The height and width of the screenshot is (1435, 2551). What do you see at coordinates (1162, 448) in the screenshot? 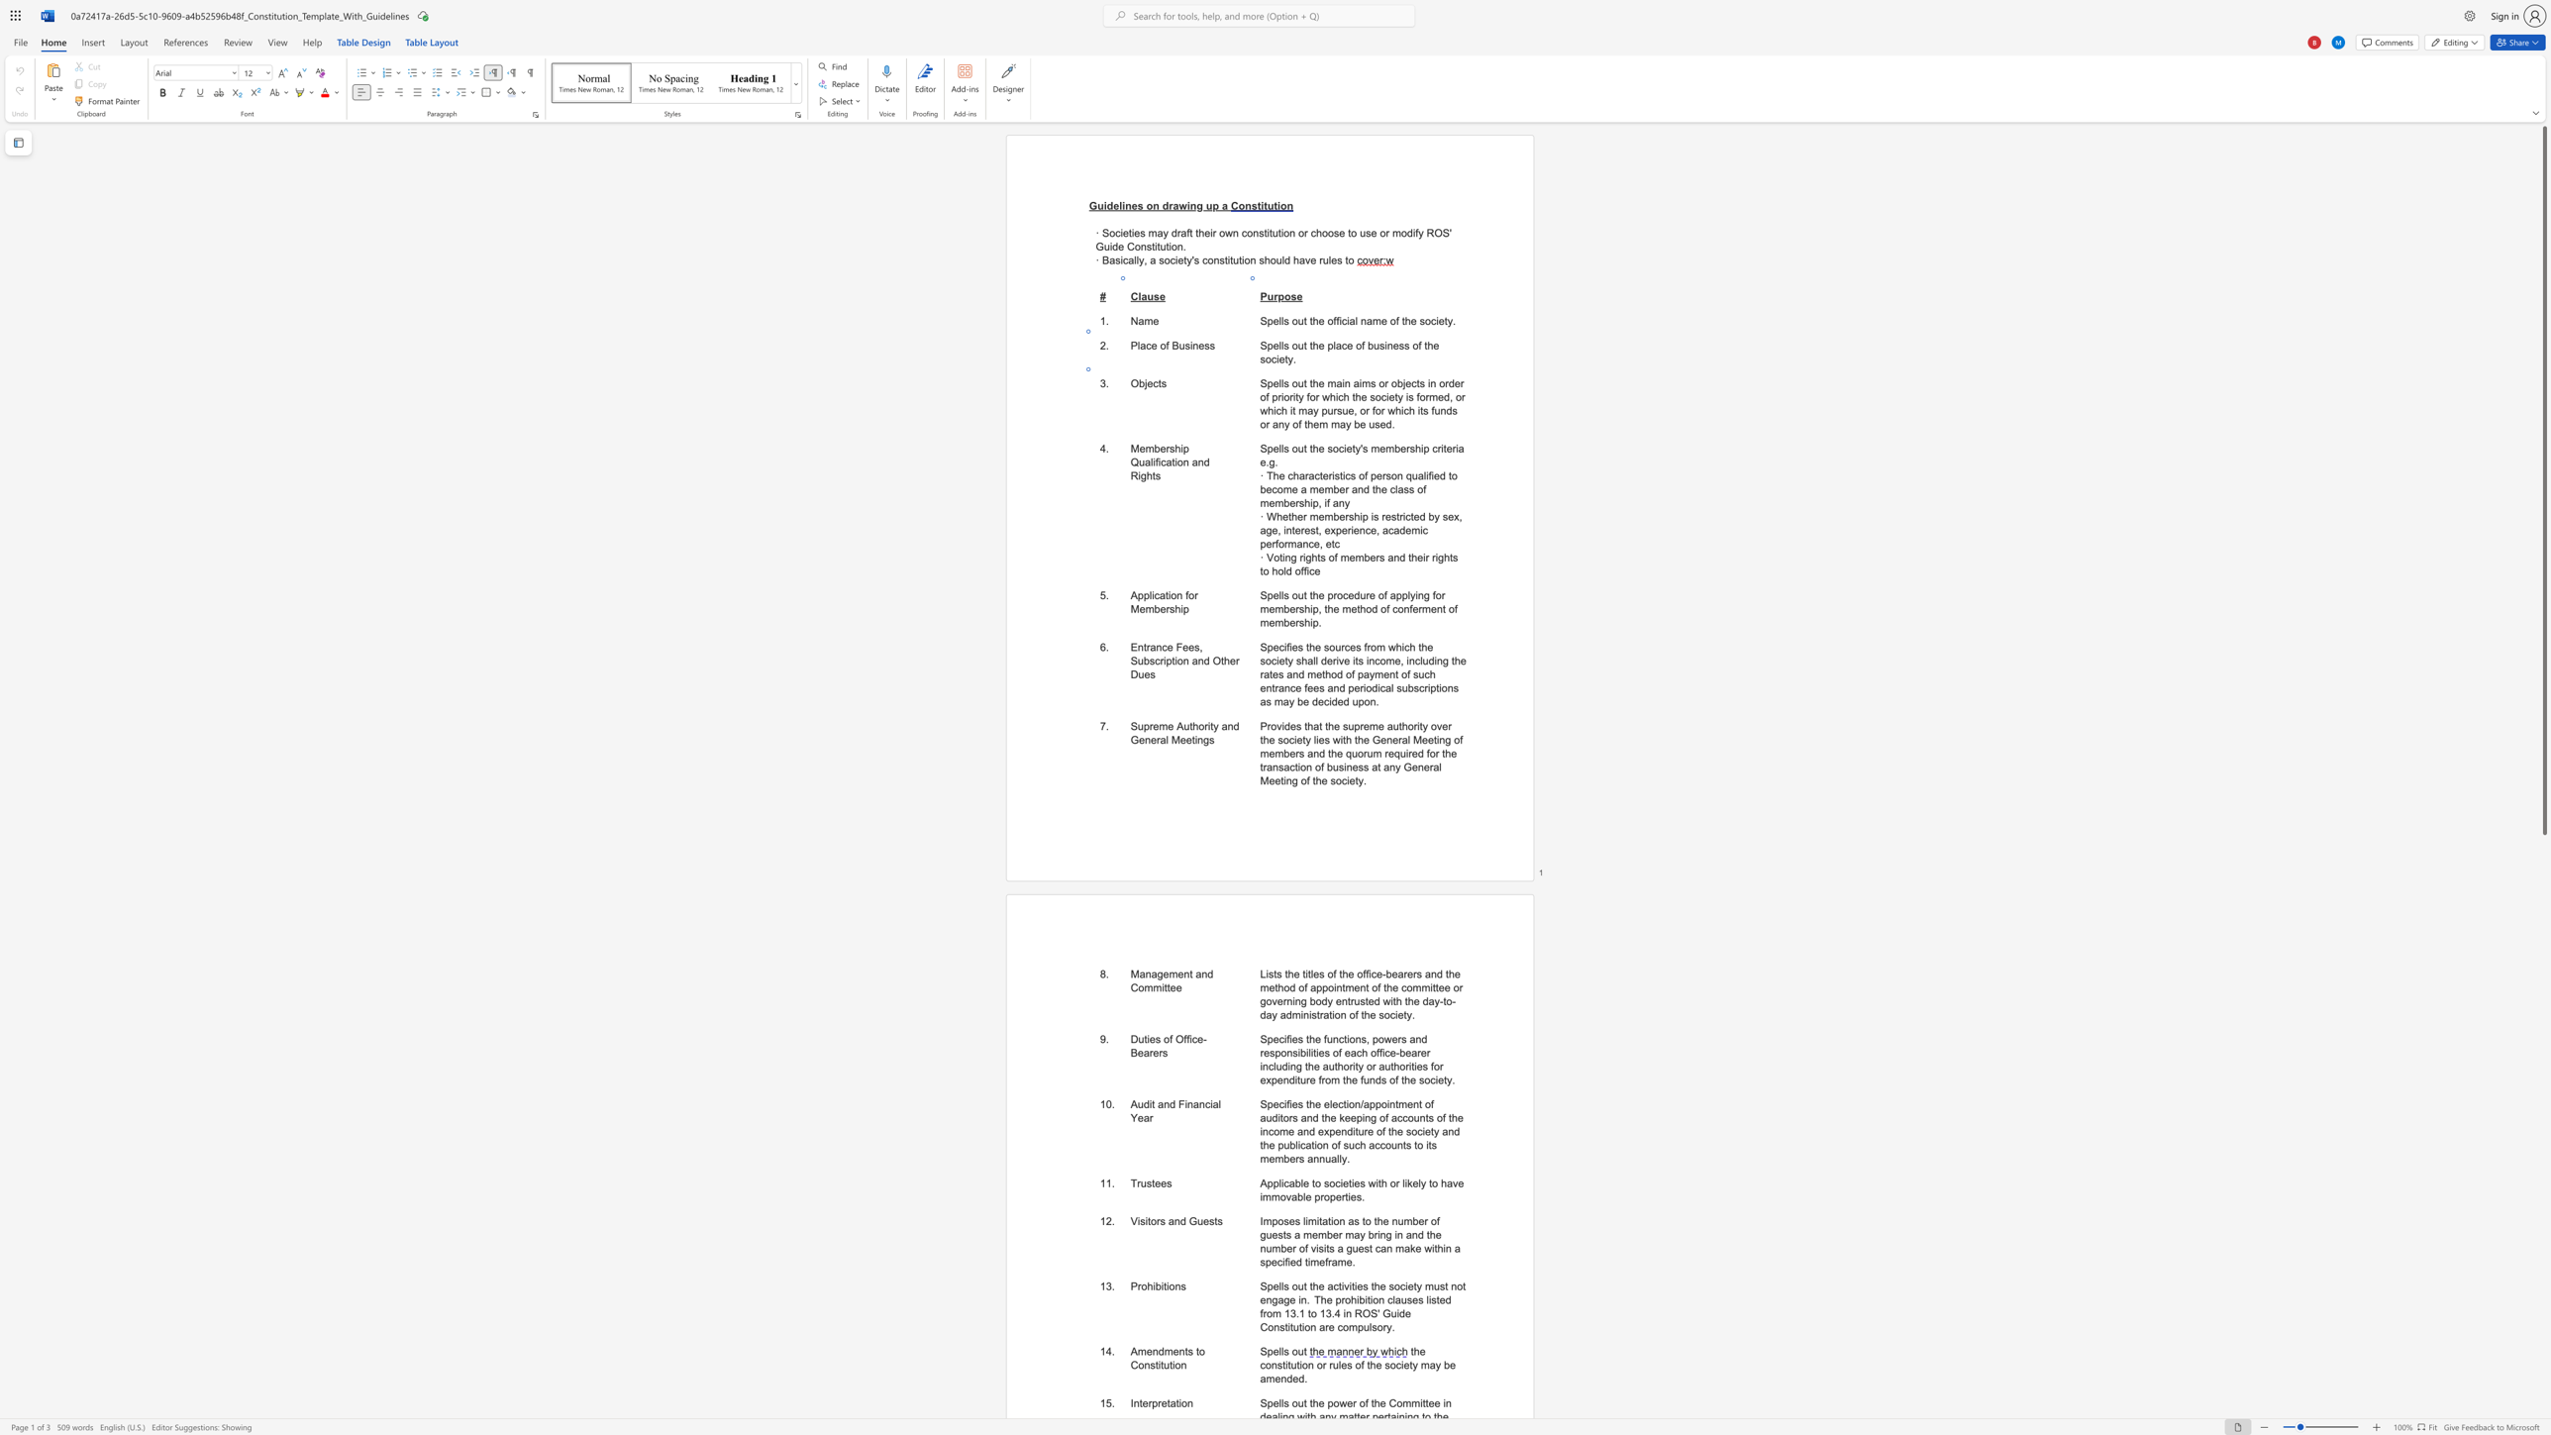
I see `the 2th character "e" in the text` at bounding box center [1162, 448].